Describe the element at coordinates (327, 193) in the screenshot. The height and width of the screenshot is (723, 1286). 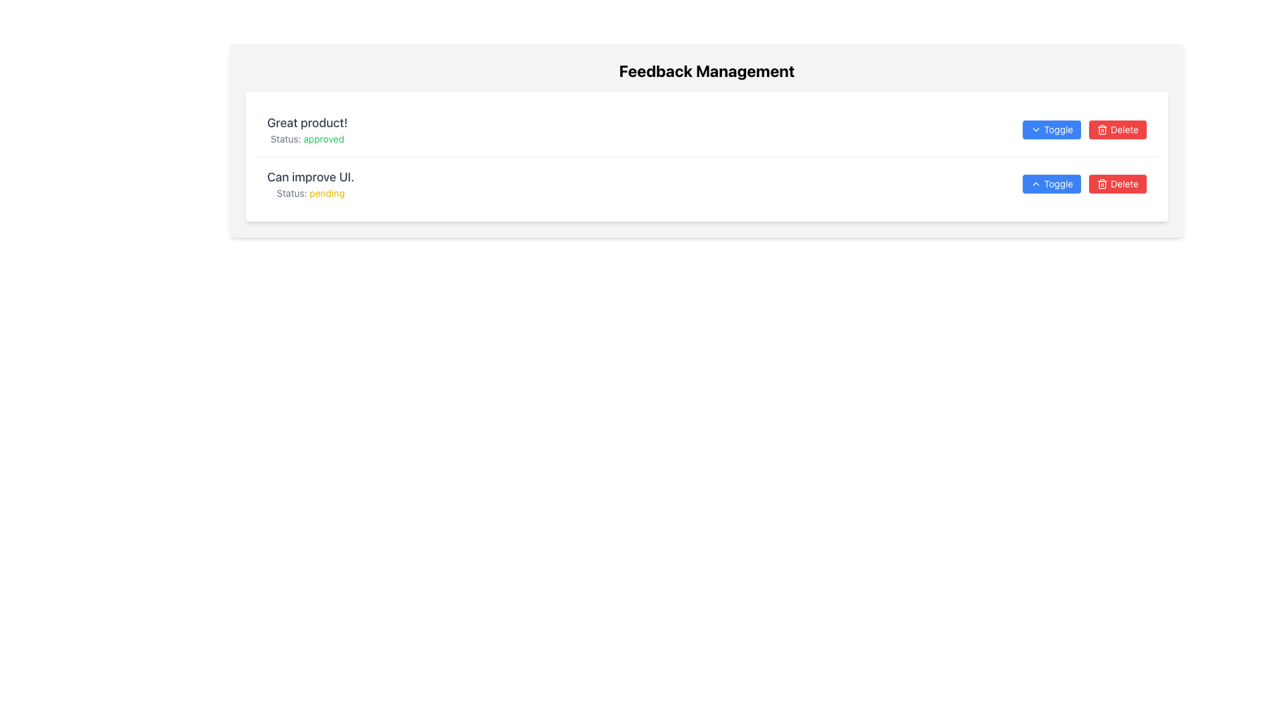
I see `the text label that displays the current status indicating 'pending' below the feedback comment 'Can improve UI.'` at that location.